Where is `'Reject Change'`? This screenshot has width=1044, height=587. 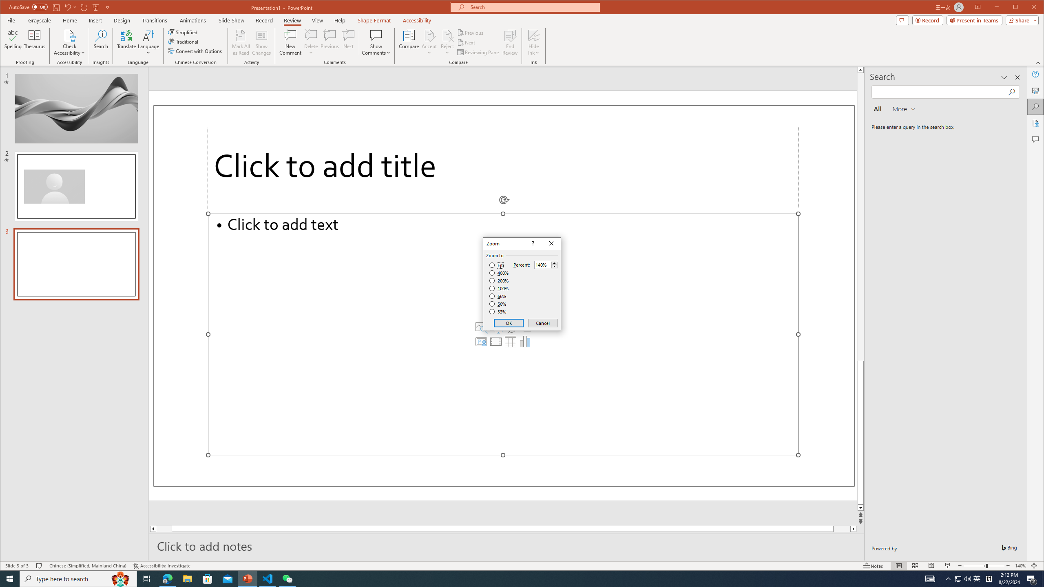
'Reject Change' is located at coordinates (447, 35).